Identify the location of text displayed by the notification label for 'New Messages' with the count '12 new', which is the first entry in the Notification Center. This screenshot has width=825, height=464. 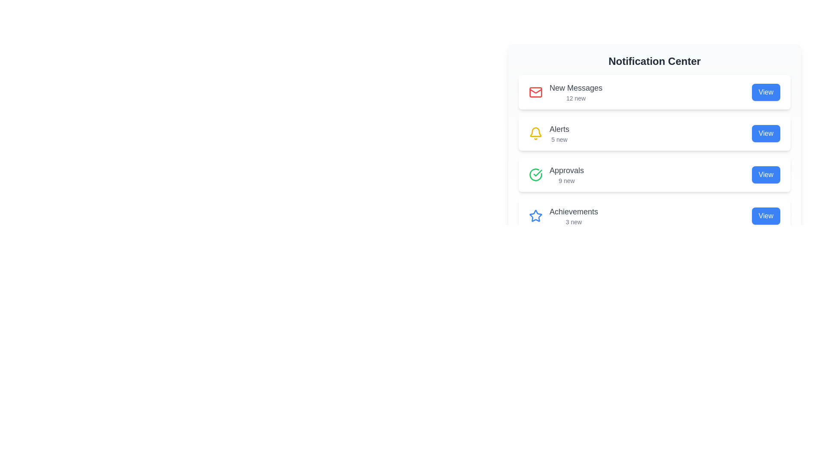
(576, 92).